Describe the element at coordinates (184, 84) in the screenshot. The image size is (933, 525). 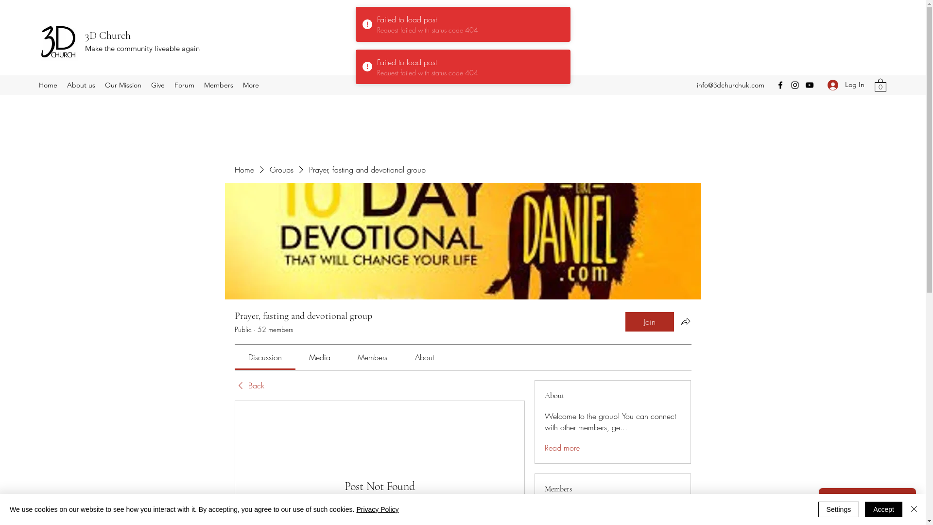
I see `'Forum'` at that location.